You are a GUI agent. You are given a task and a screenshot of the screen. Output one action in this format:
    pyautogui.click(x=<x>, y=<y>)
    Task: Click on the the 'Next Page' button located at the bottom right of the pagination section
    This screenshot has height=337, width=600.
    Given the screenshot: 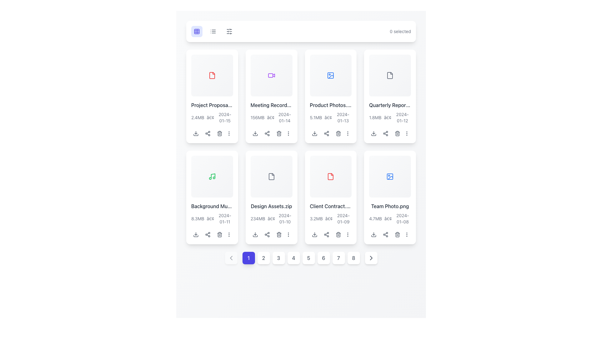 What is the action you would take?
    pyautogui.click(x=371, y=258)
    